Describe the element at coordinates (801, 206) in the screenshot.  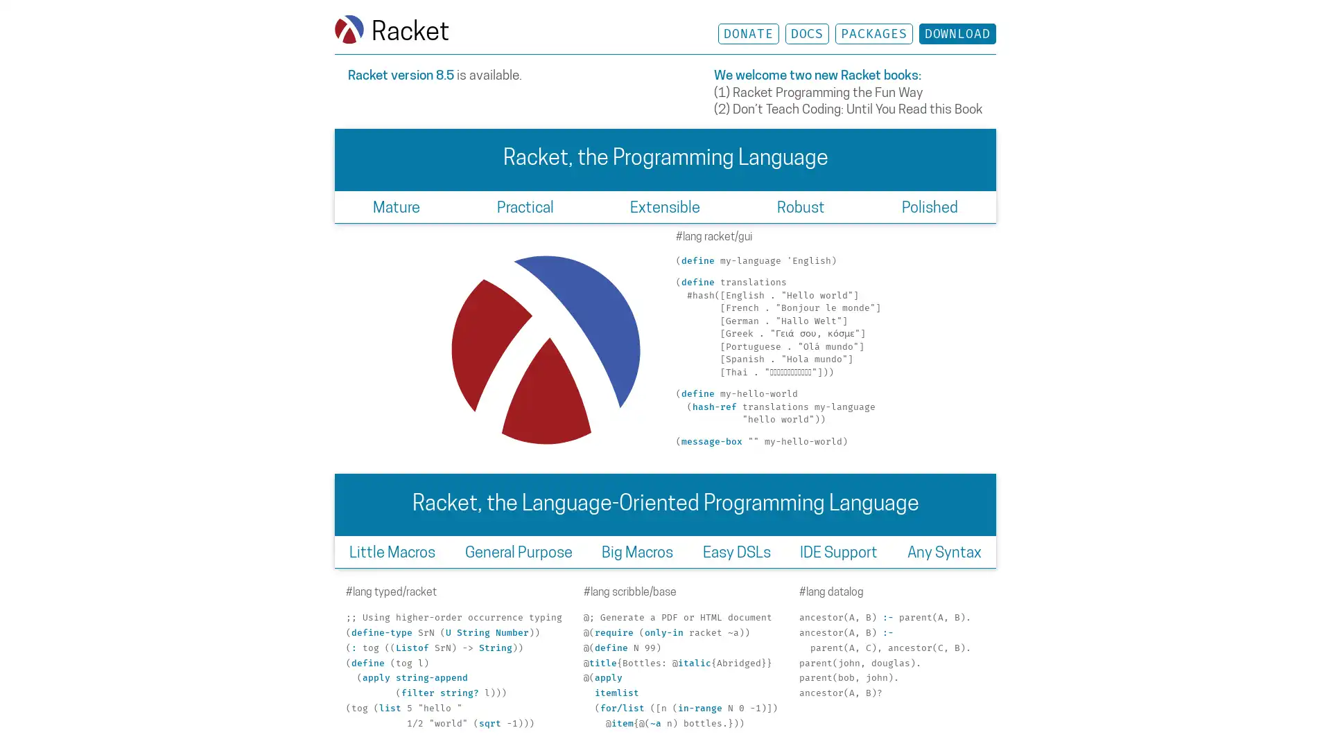
I see `Robust` at that location.